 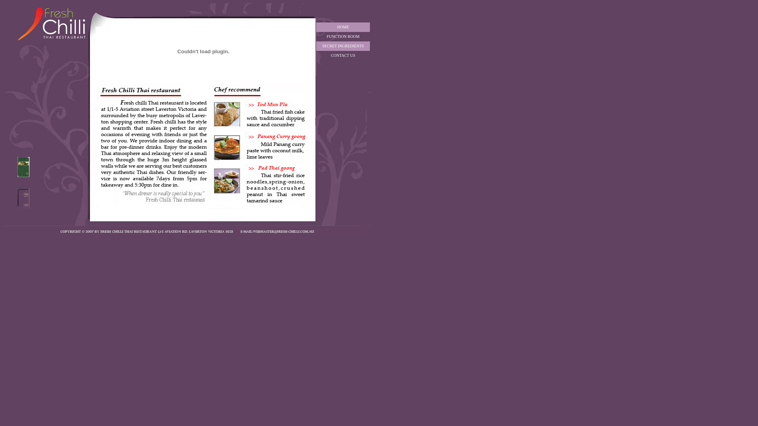 I want to click on 'HOME', so click(x=343, y=26).